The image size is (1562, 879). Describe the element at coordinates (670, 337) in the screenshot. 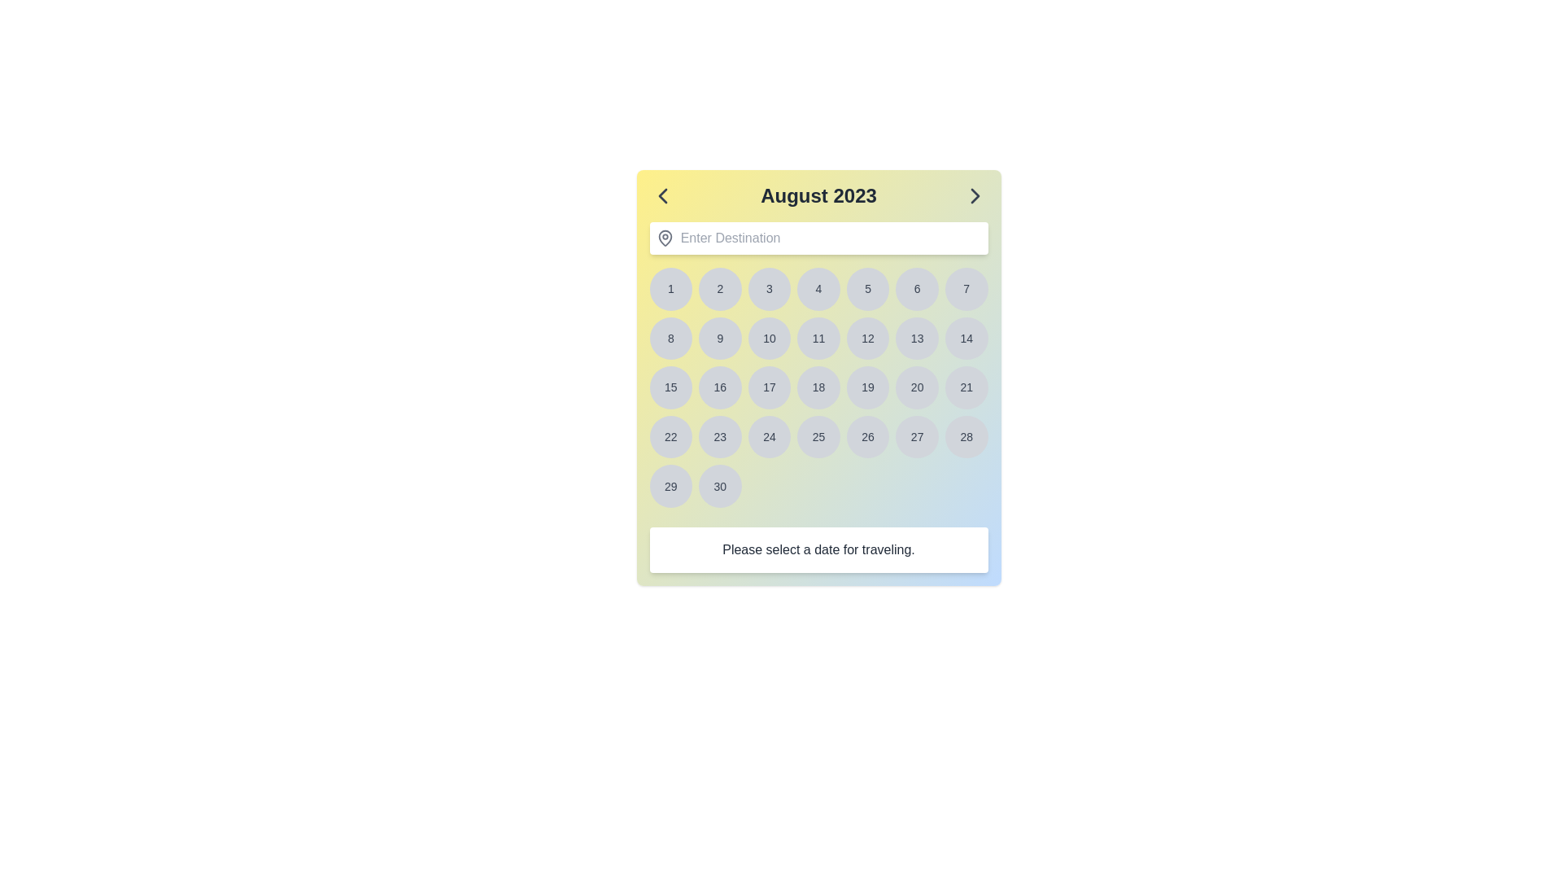

I see `the date selector button for the 8th of the current month, located in the second row and first column of the calendar interface` at that location.